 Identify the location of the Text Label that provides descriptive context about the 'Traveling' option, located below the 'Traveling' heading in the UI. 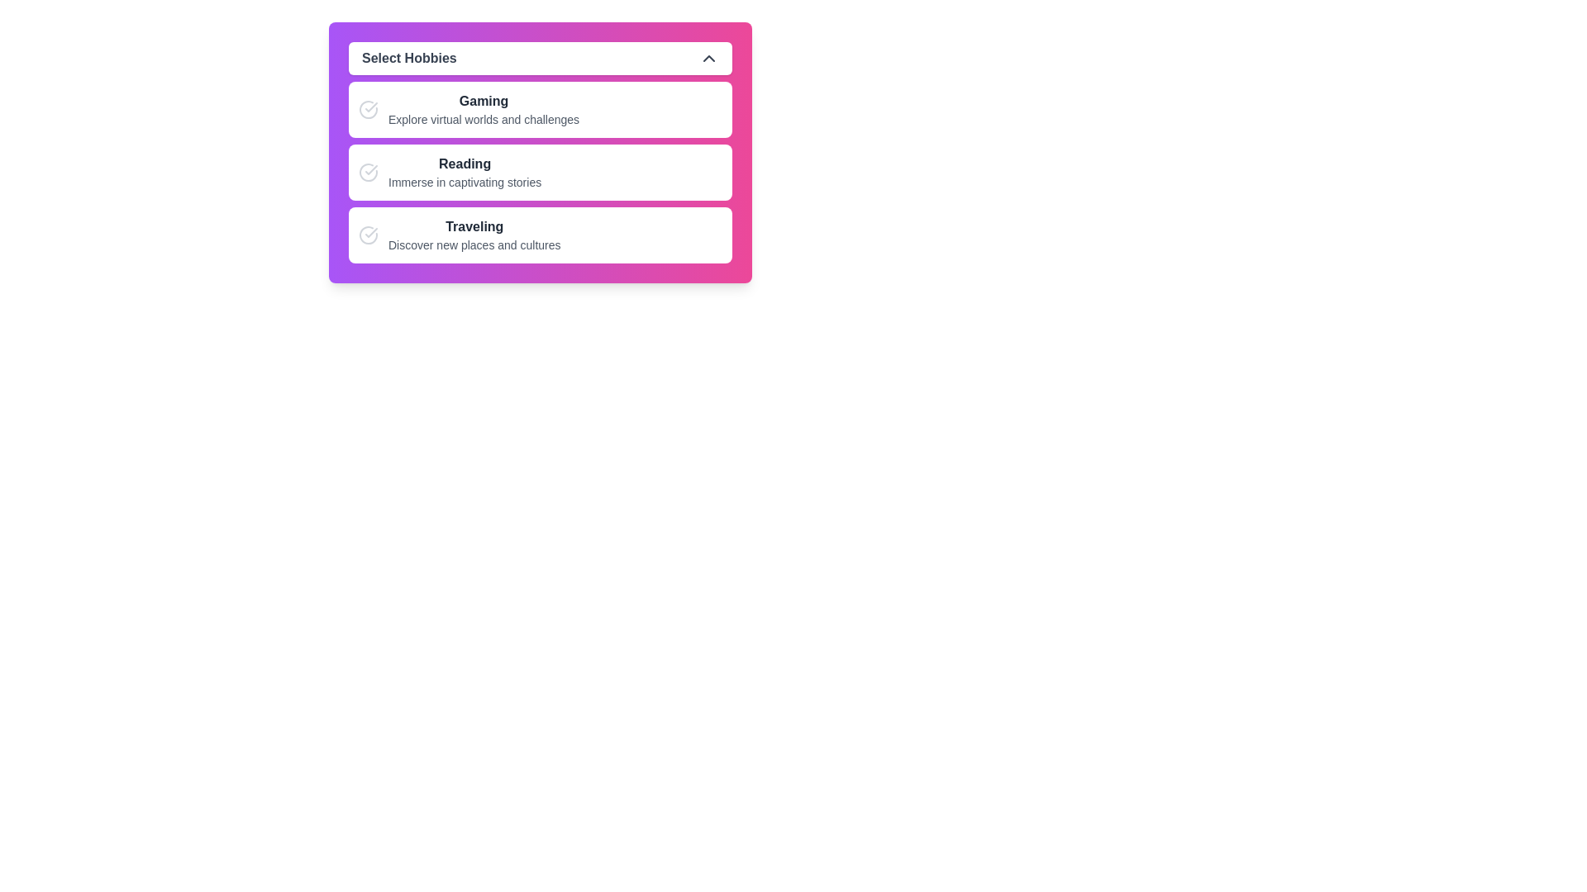
(474, 245).